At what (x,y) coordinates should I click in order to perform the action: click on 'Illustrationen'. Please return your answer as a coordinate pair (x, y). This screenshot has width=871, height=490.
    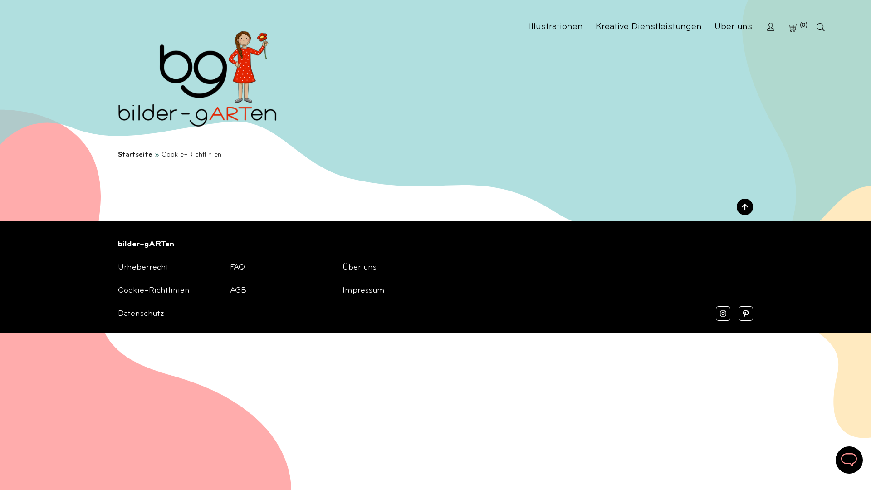
    Looking at the image, I should click on (555, 27).